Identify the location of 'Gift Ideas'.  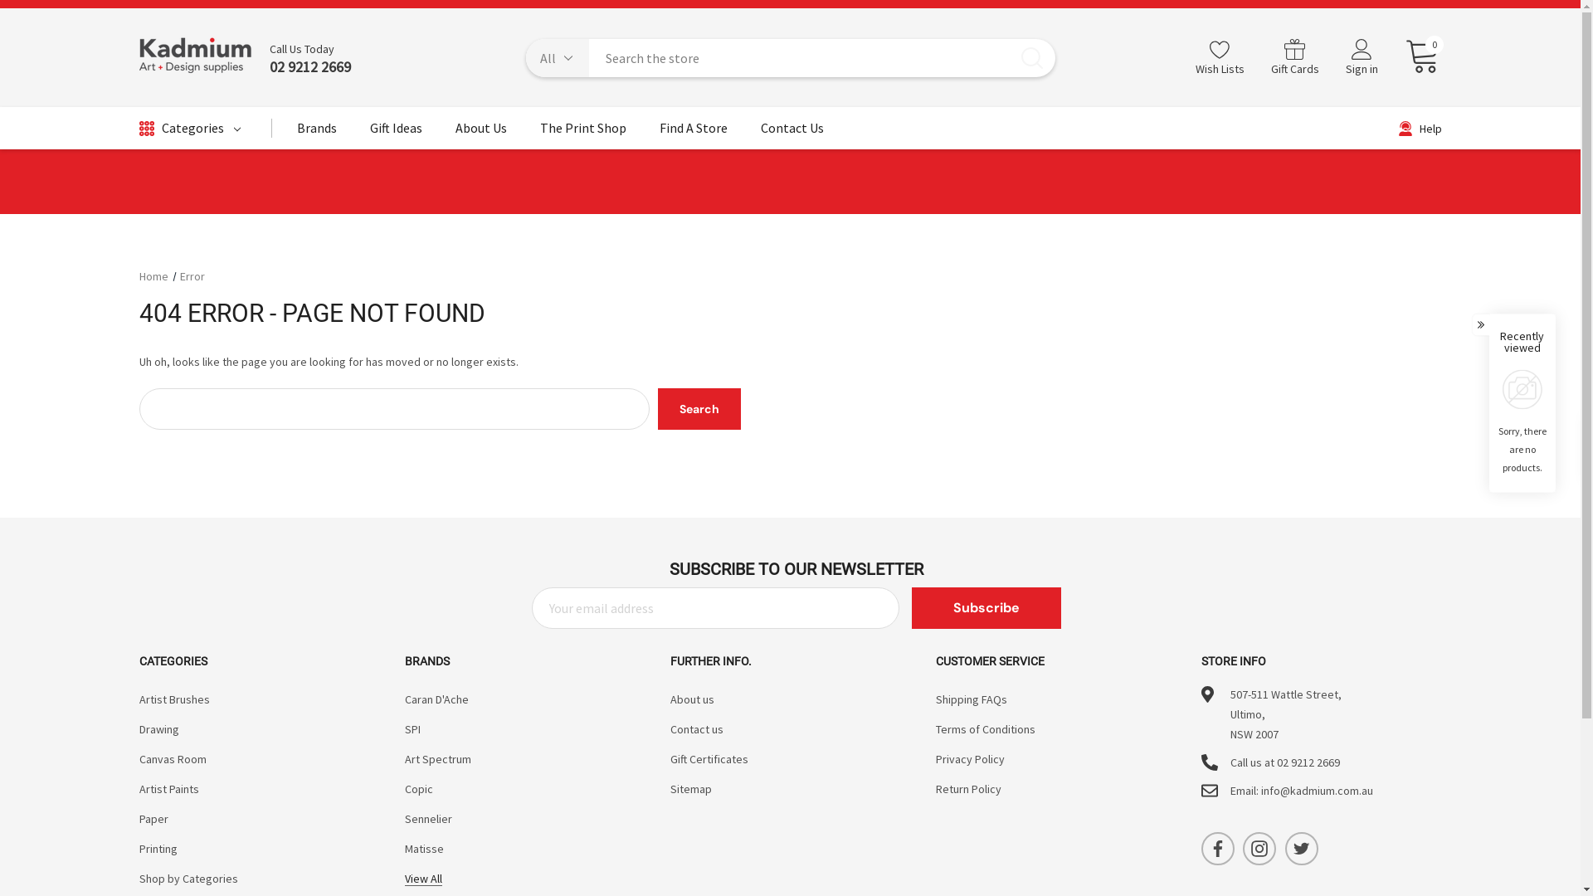
(395, 131).